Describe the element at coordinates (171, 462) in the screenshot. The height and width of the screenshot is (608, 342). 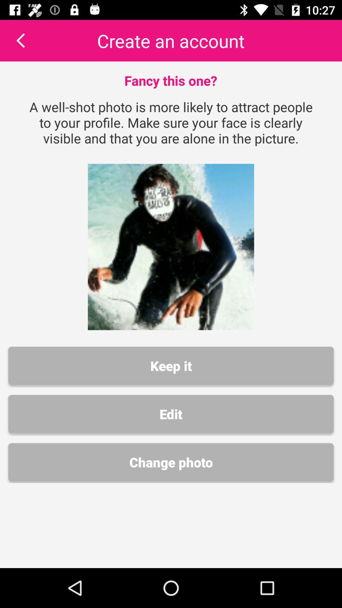
I see `button below the edit button` at that location.